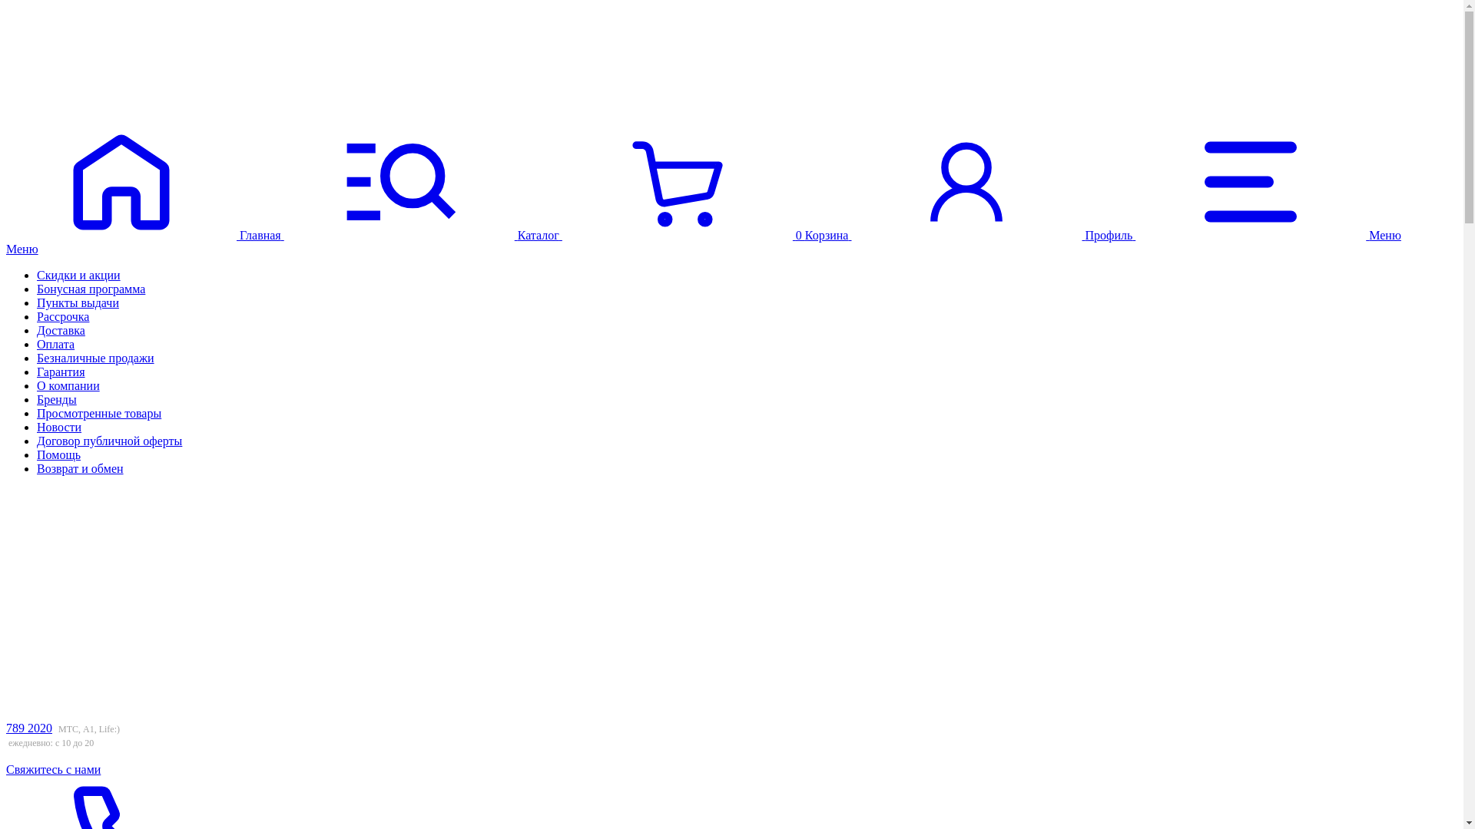 The height and width of the screenshot is (829, 1475). Describe the element at coordinates (29, 727) in the screenshot. I see `'789 2020'` at that location.